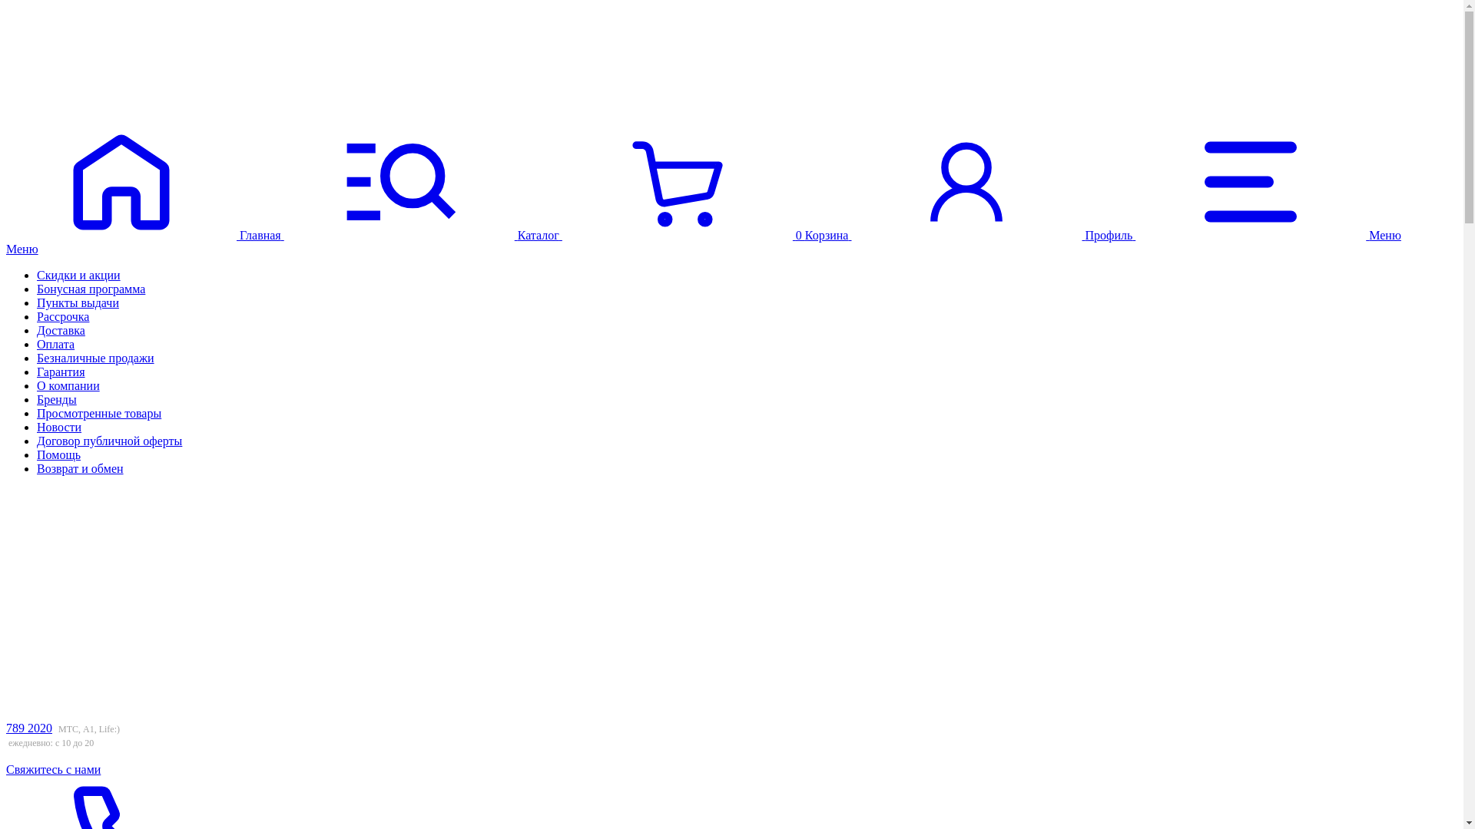 The height and width of the screenshot is (829, 1475). Describe the element at coordinates (29, 727) in the screenshot. I see `'789 2020'` at that location.